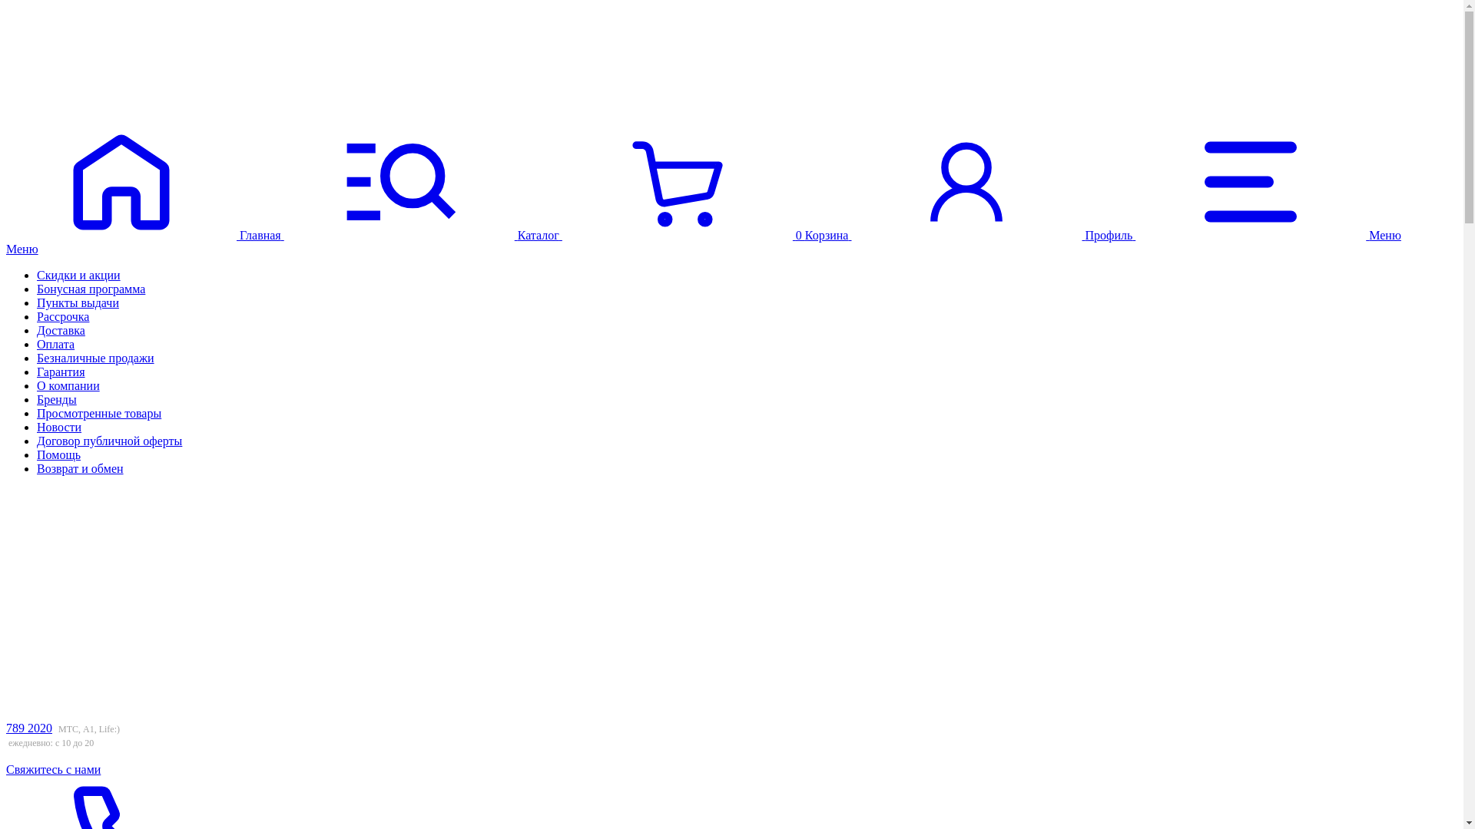 The height and width of the screenshot is (829, 1475). Describe the element at coordinates (29, 727) in the screenshot. I see `'789 2020'` at that location.